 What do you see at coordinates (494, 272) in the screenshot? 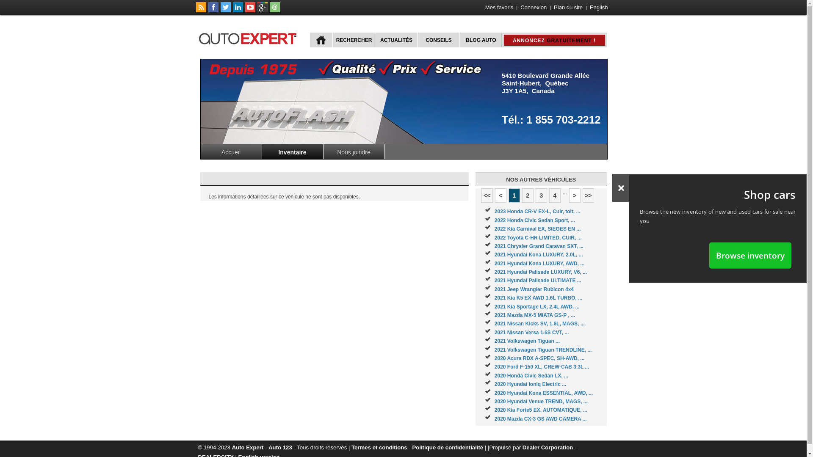
I see `'2021 Hyundai Palisade LUXURY, V6, ...'` at bounding box center [494, 272].